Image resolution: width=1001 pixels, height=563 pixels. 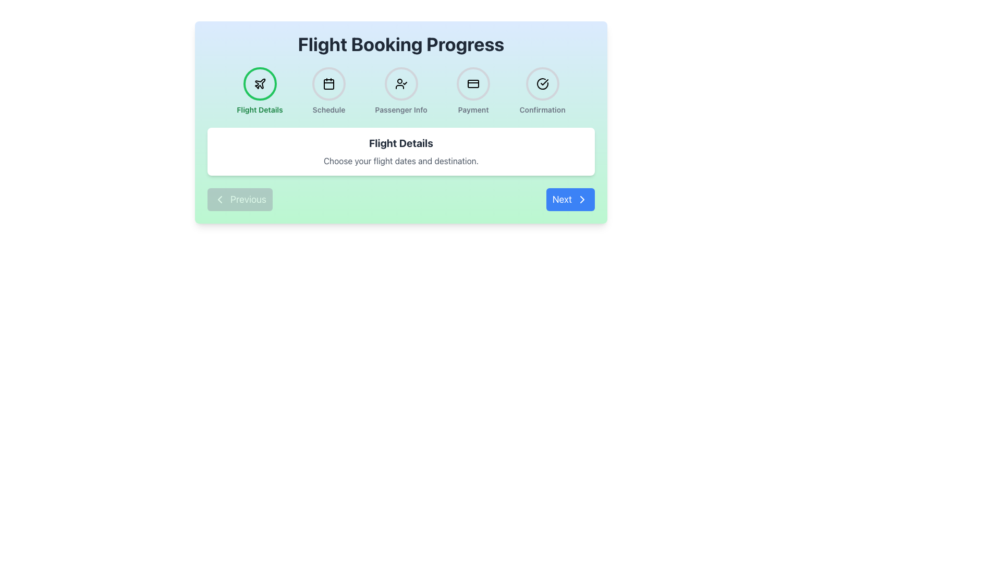 I want to click on the Icon Button with a circular border featuring a gray outline and a checkmark icon, located above the 'Confirmation' text, so click(x=542, y=83).